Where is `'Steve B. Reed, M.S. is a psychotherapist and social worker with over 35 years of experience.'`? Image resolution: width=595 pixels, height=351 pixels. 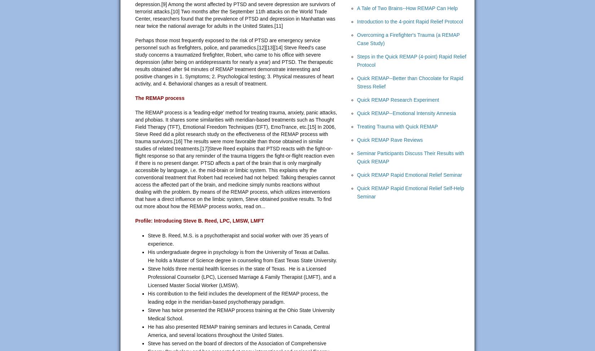 'Steve B. Reed, M.S. is a psychotherapist and social worker with over 35 years of experience.' is located at coordinates (238, 239).